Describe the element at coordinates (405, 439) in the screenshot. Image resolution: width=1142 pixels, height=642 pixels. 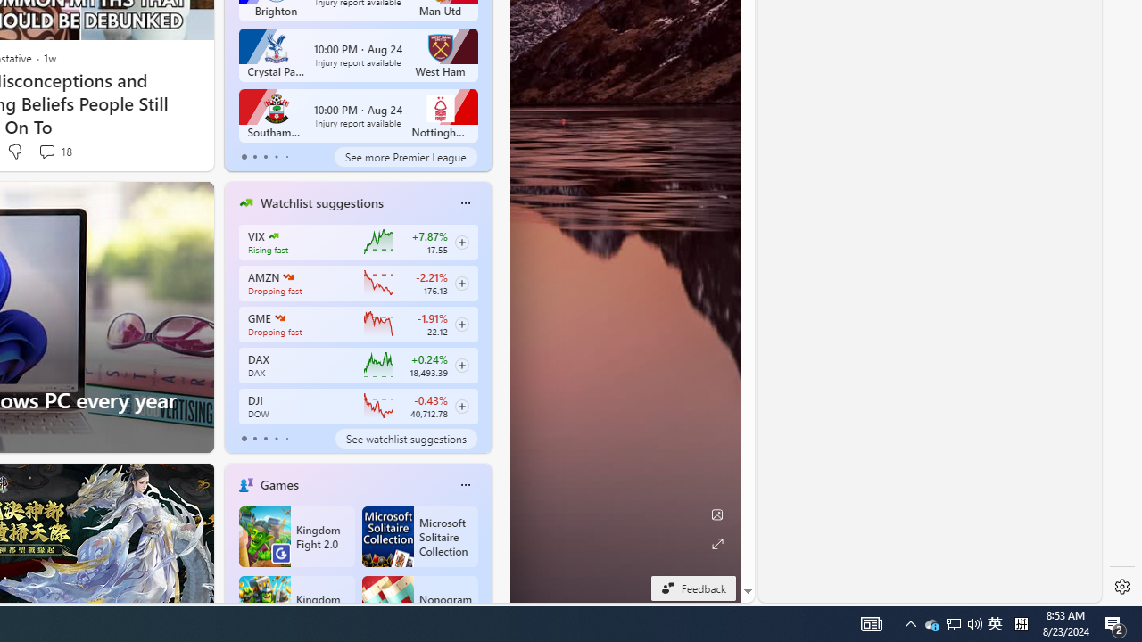
I see `'See watchlist suggestions'` at that location.